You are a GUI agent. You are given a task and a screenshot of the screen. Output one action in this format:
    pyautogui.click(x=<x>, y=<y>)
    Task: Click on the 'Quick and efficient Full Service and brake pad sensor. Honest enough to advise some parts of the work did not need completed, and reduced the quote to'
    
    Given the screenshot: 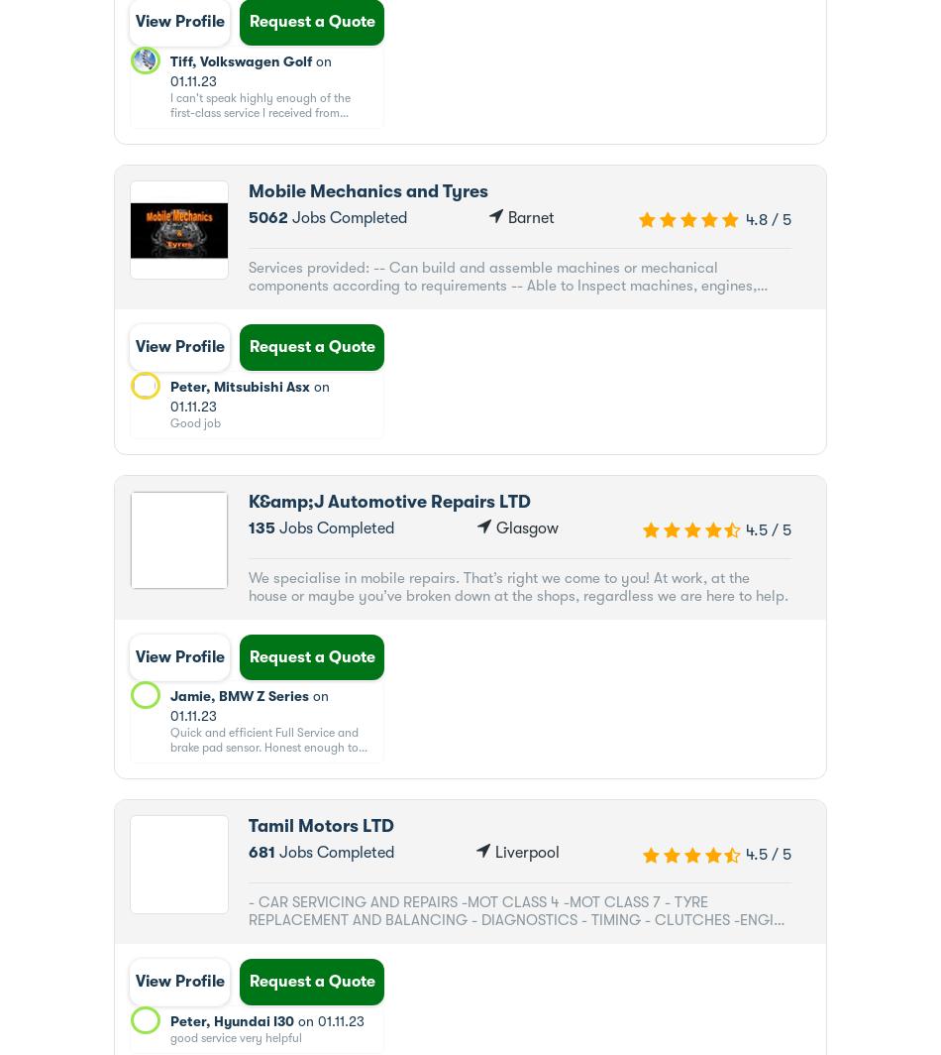 What is the action you would take?
    pyautogui.click(x=267, y=762)
    